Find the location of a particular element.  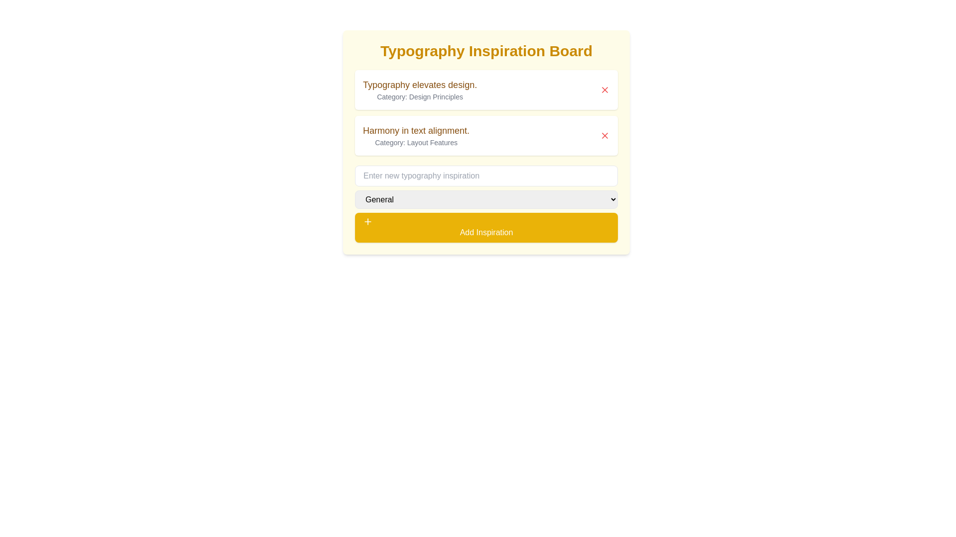

the icon representing the 'Add Inspiration' action located at the left-hand side of the button labeled 'Add Inspiration' is located at coordinates (367, 221).